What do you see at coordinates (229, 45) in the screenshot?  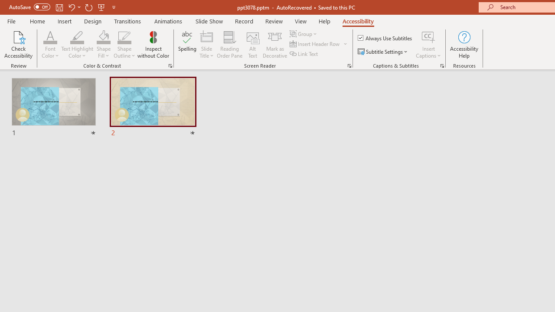 I see `'Reading Order Pane'` at bounding box center [229, 45].